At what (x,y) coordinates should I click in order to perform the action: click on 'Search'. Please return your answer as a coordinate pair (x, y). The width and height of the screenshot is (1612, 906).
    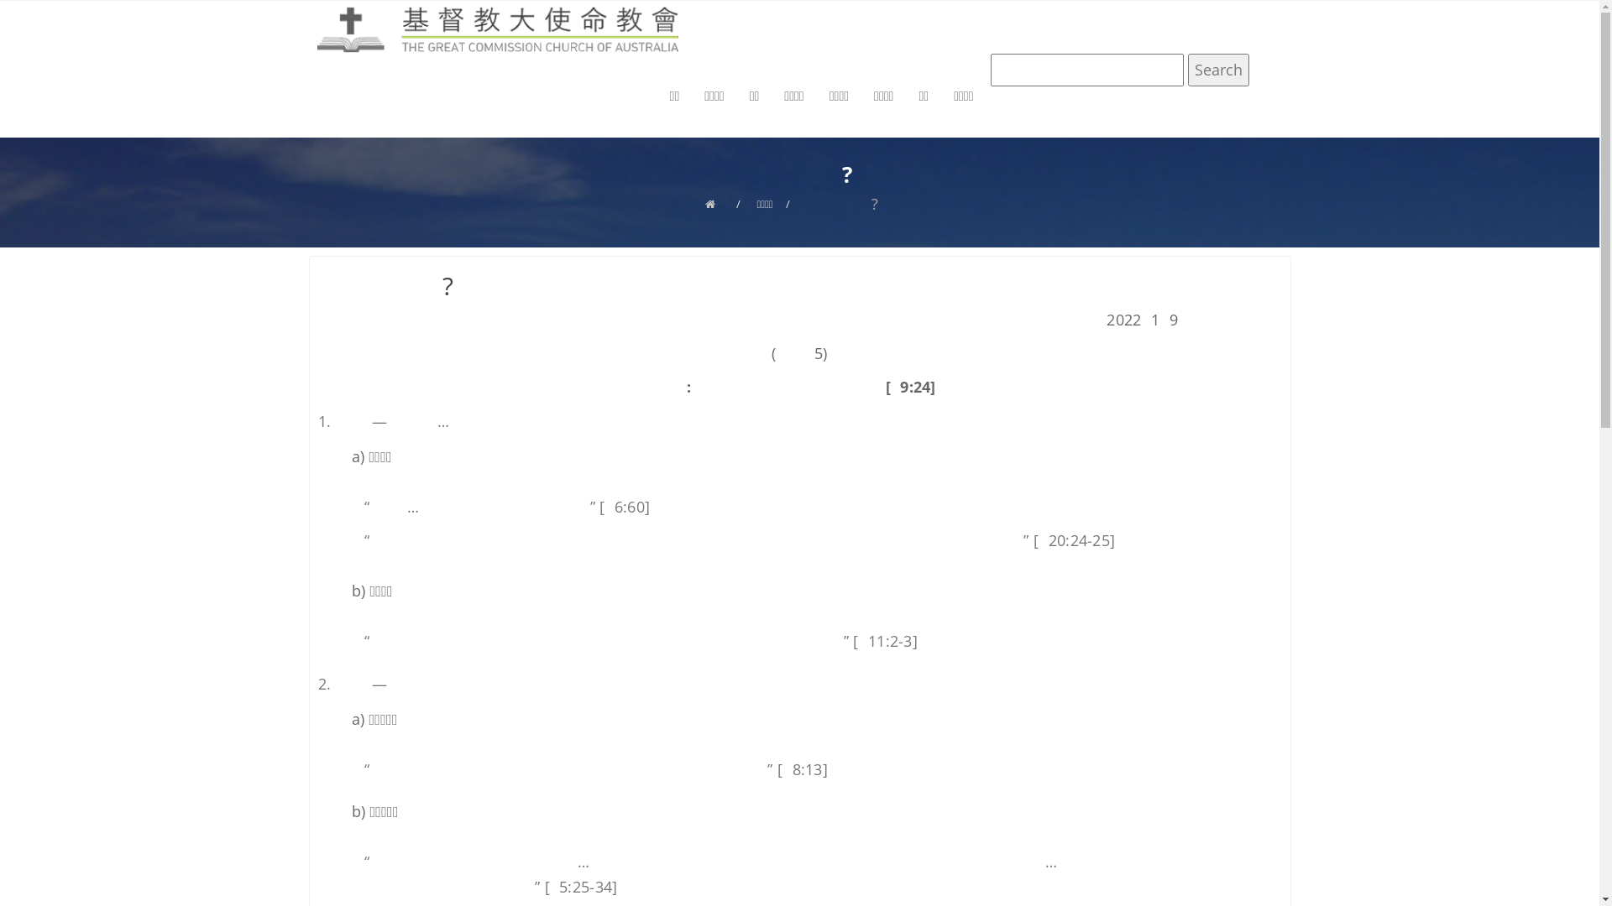
    Looking at the image, I should click on (1217, 69).